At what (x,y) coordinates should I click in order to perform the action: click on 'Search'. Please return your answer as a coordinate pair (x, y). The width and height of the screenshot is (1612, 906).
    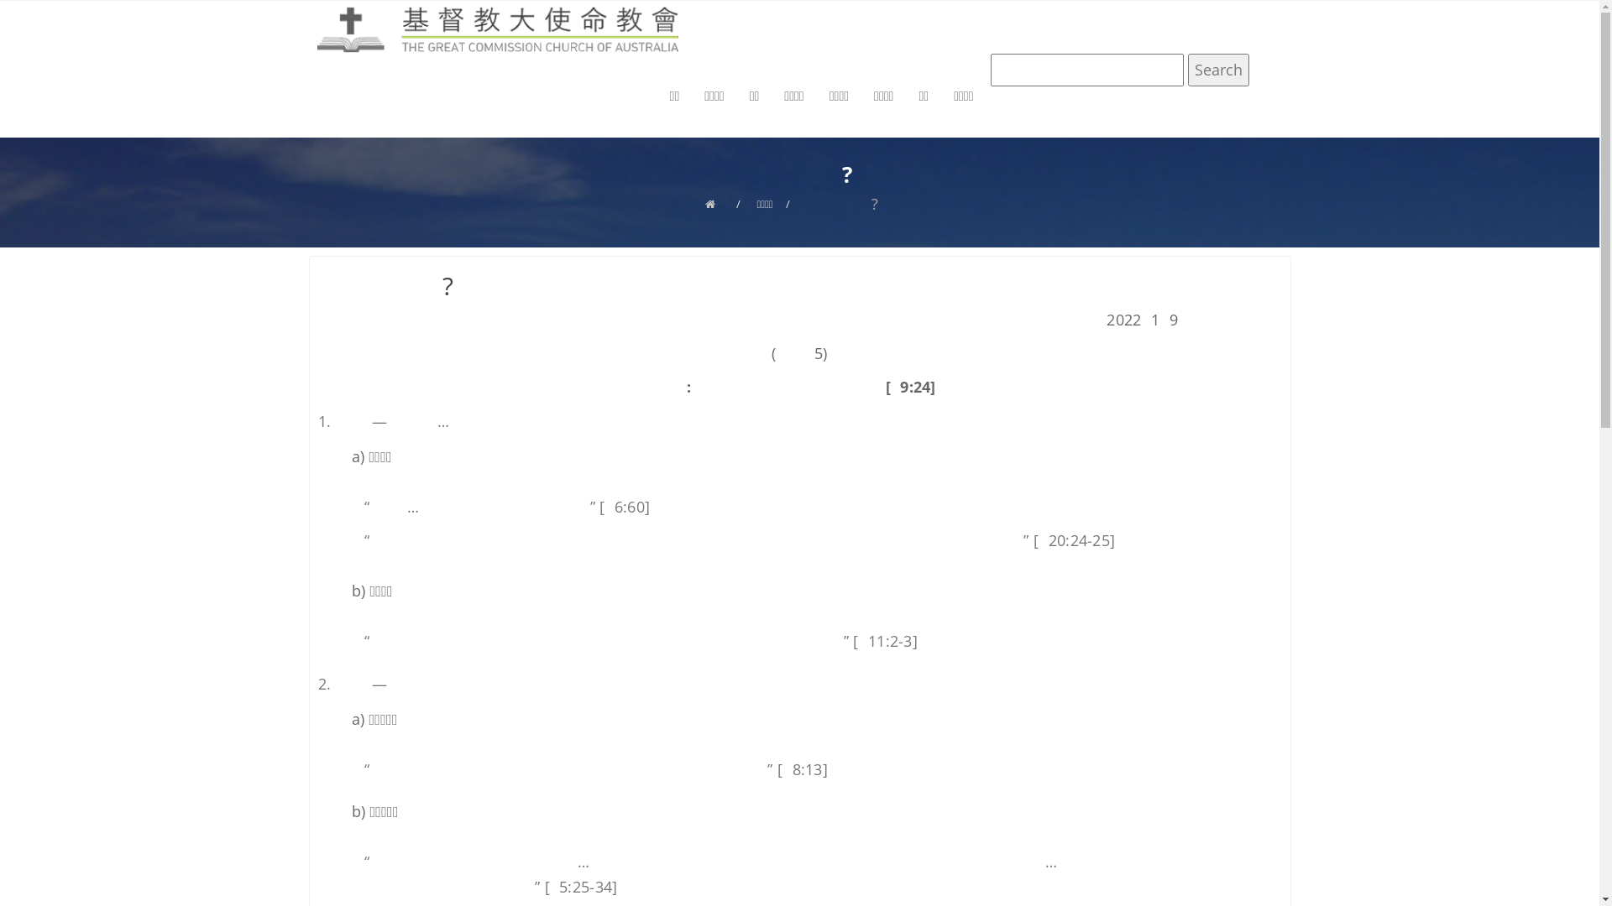
    Looking at the image, I should click on (1217, 69).